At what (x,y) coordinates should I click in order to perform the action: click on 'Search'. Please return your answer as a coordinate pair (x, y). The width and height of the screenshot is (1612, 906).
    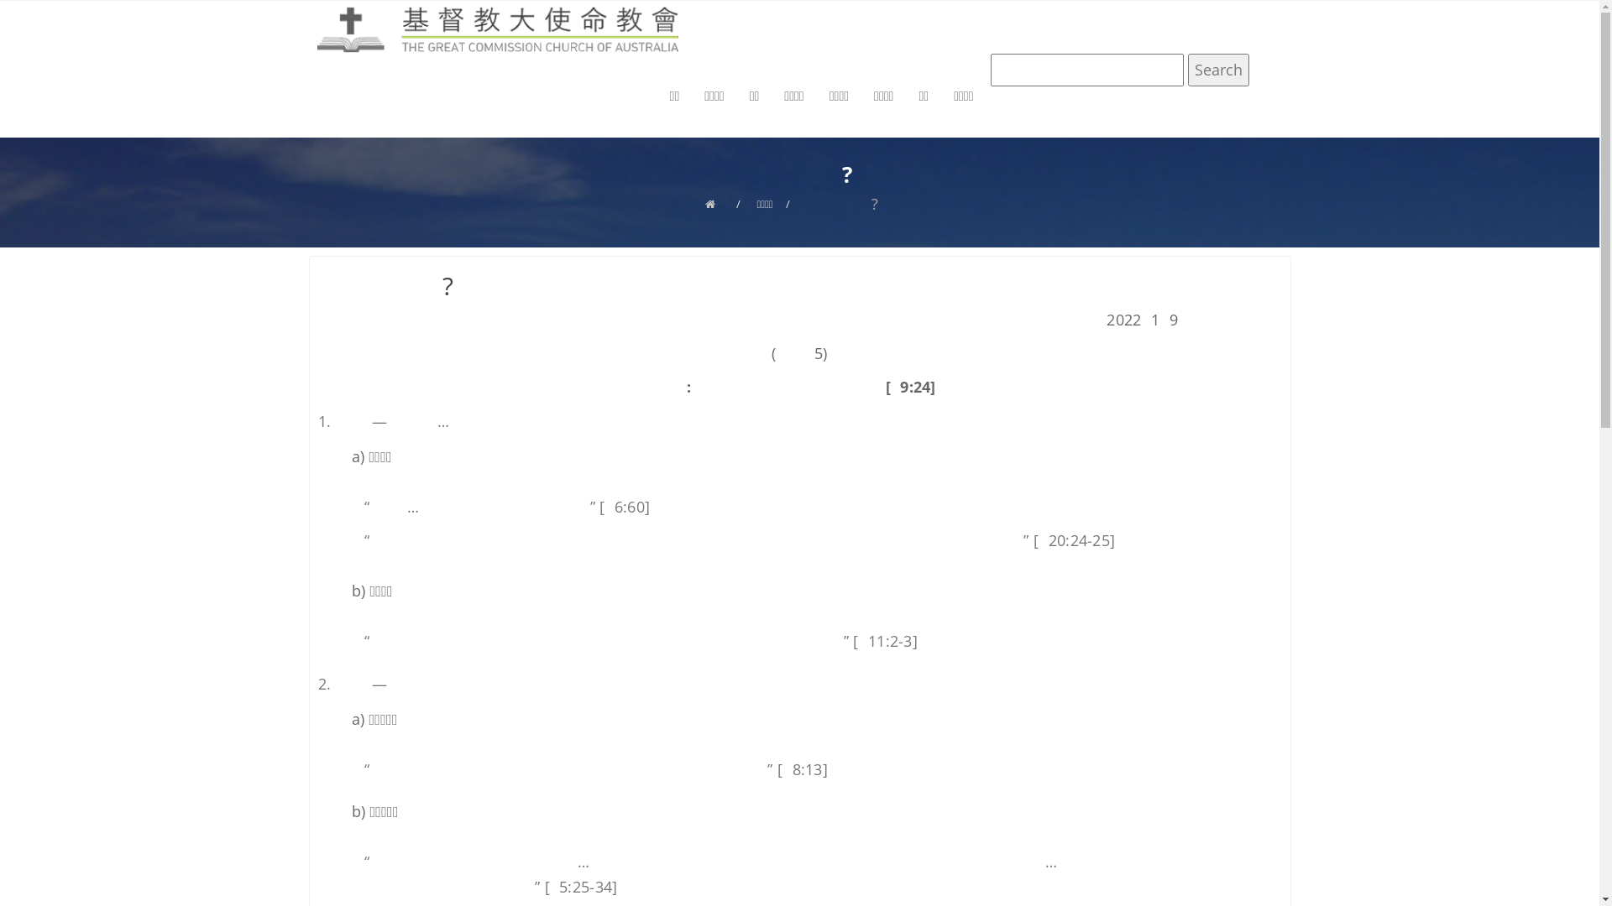
    Looking at the image, I should click on (1217, 69).